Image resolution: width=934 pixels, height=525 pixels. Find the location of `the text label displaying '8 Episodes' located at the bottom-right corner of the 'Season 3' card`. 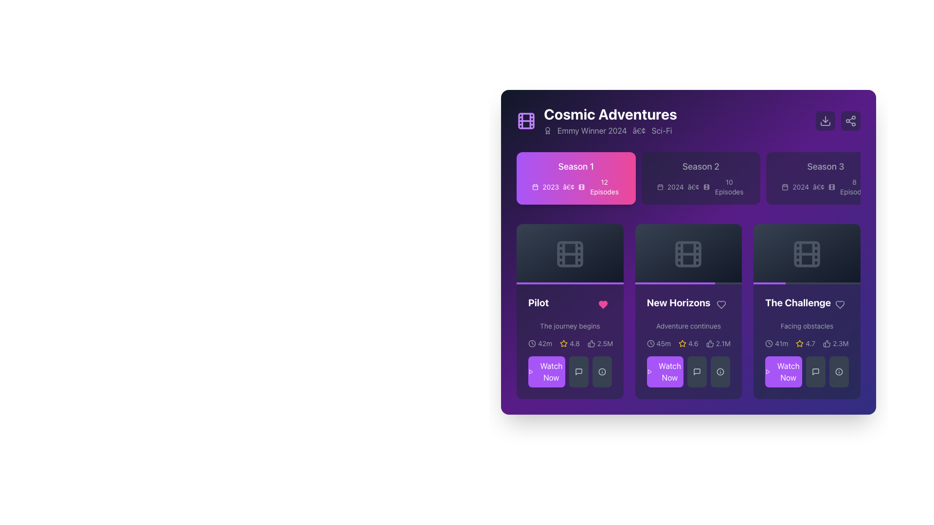

the text label displaying '8 Episodes' located at the bottom-right corner of the 'Season 3' card is located at coordinates (854, 187).